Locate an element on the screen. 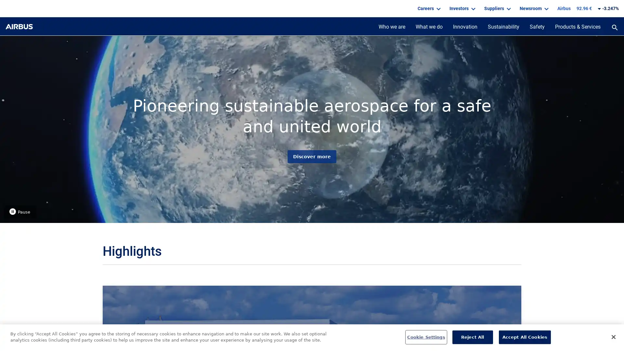 This screenshot has width=624, height=351. Reject All is located at coordinates (472, 337).